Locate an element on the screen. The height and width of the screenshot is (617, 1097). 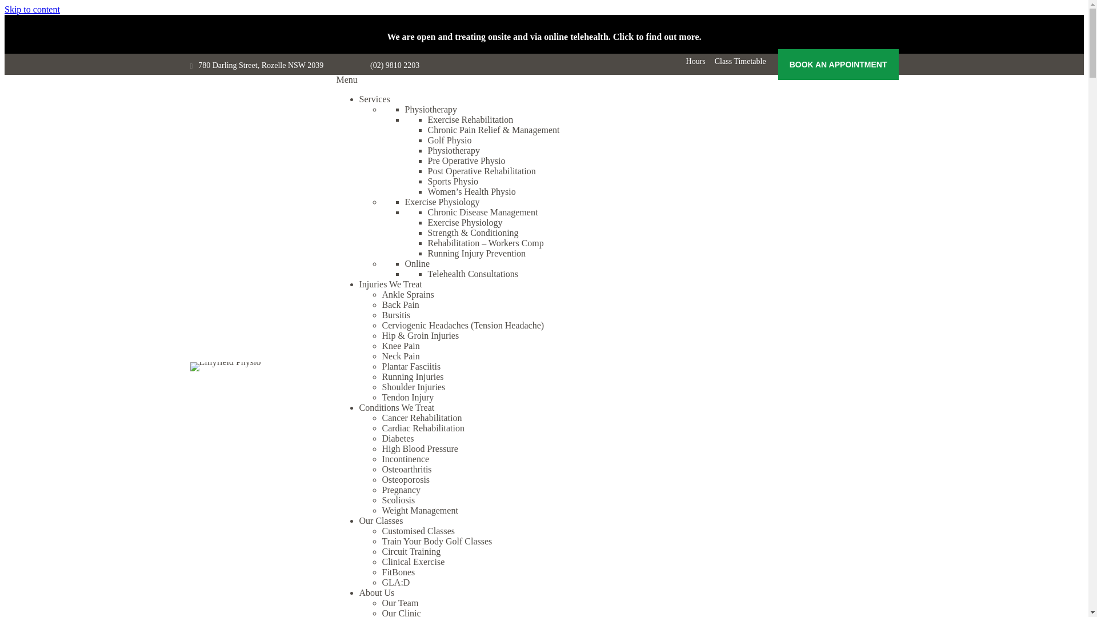
'Osteoporosis' is located at coordinates (406, 479).